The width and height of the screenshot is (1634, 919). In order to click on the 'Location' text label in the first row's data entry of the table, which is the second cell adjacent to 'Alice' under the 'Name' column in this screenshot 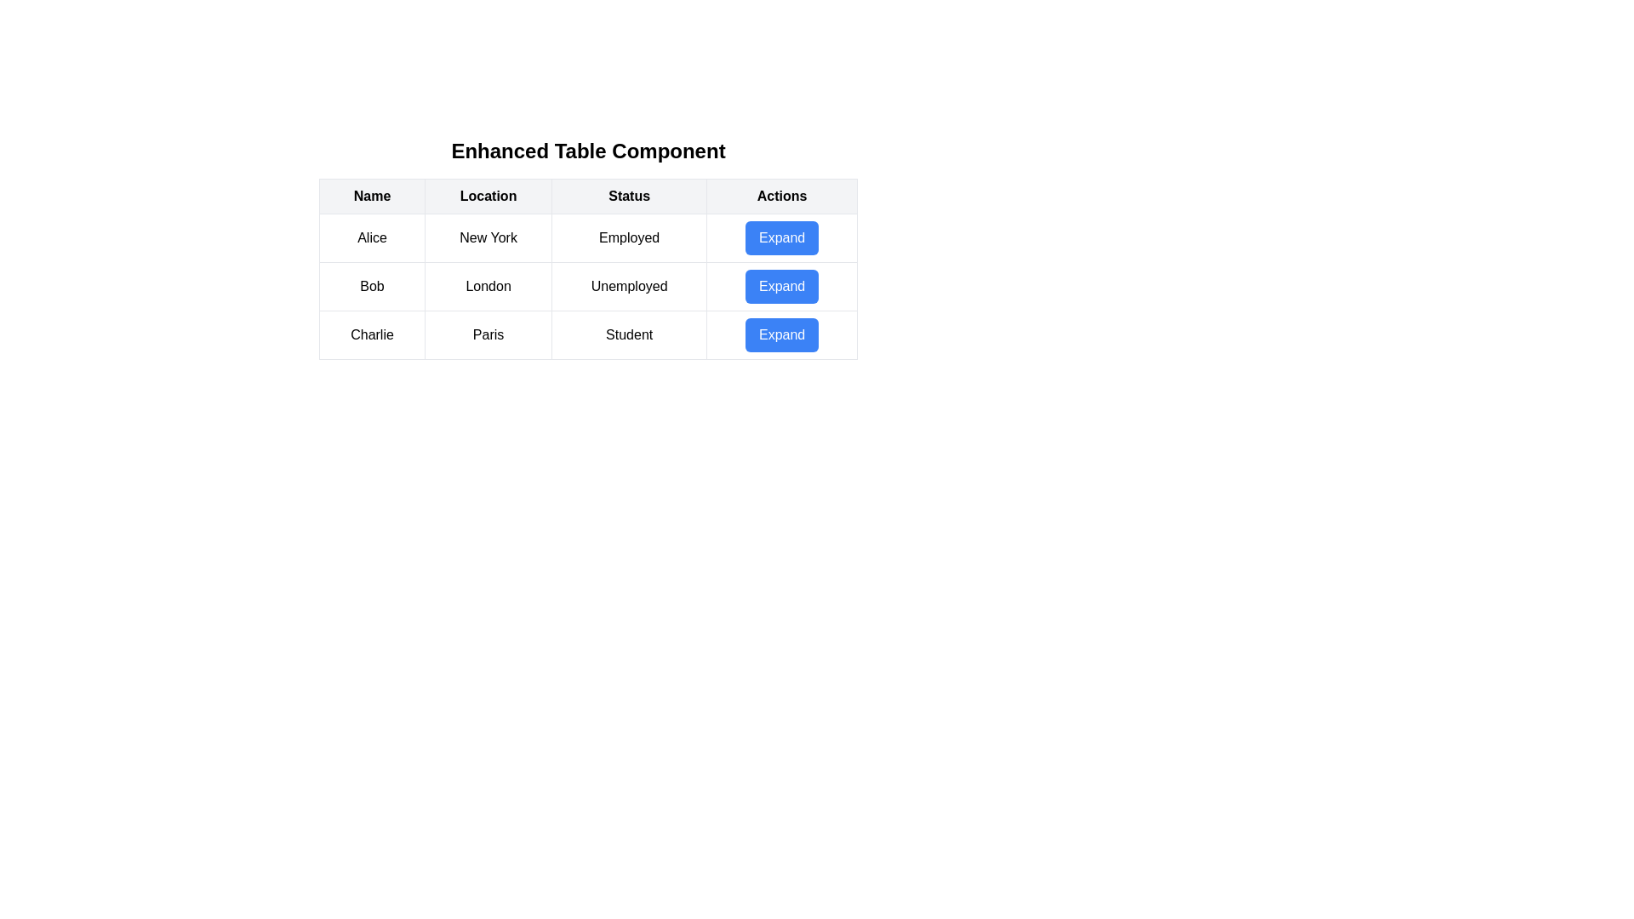, I will do `click(488, 238)`.